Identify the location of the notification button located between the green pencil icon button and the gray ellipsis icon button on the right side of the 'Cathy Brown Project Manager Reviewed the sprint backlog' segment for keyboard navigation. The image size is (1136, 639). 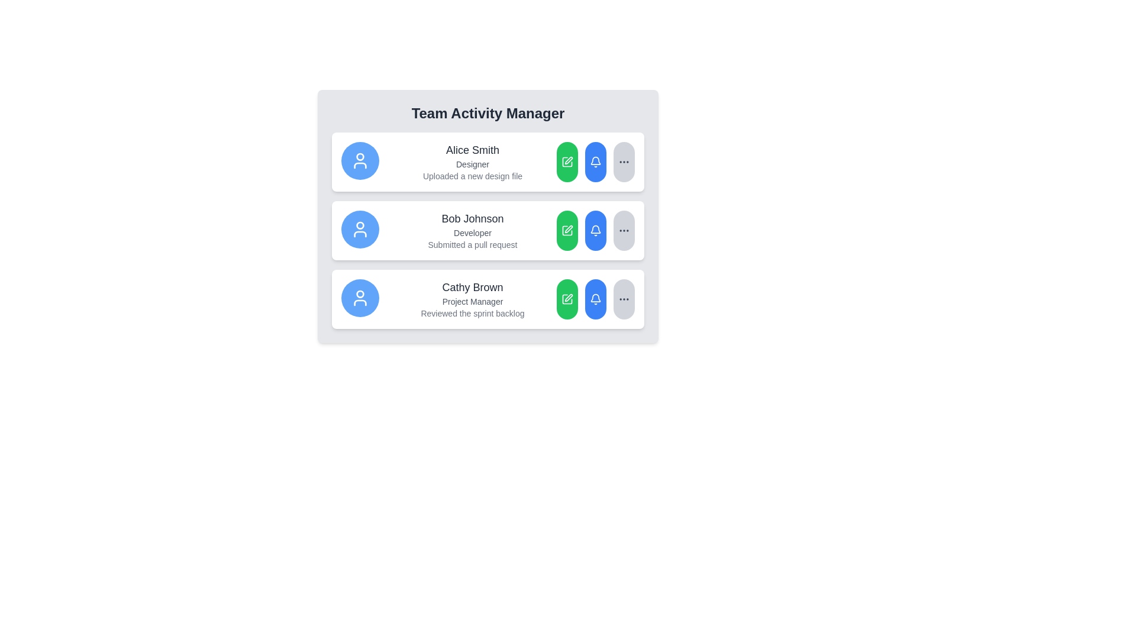
(596, 298).